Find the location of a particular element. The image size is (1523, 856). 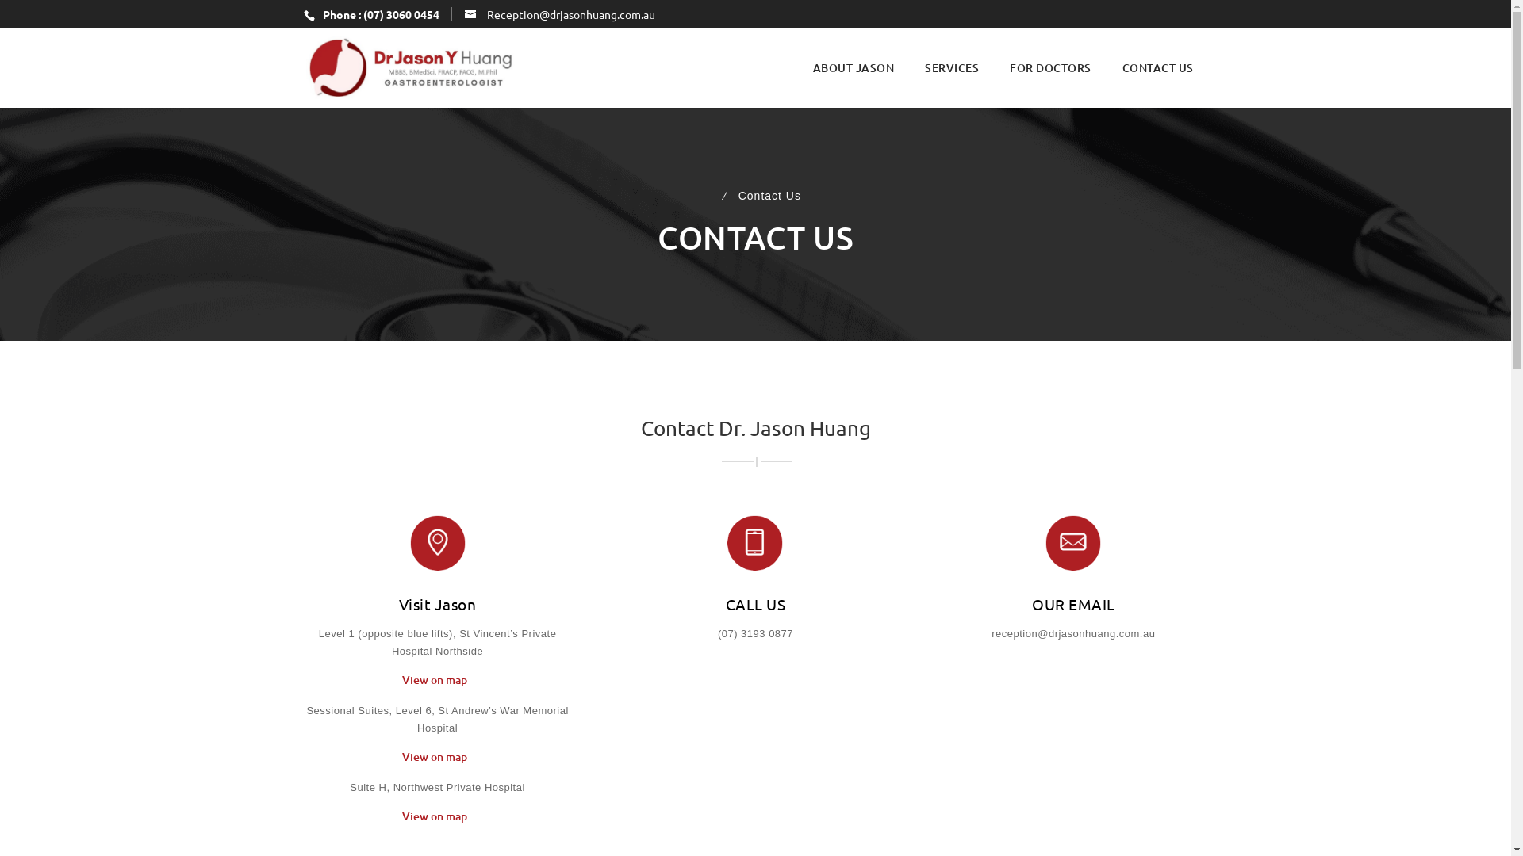

'icon1' is located at coordinates (438, 542).